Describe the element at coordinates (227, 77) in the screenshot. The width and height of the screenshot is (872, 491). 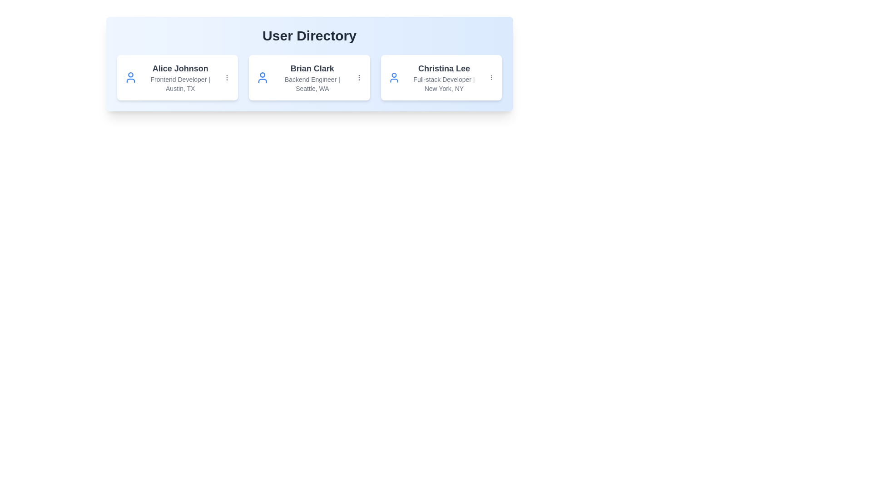
I see `the 'MoreVertical' icon for the user card corresponding to Alice Johnson` at that location.